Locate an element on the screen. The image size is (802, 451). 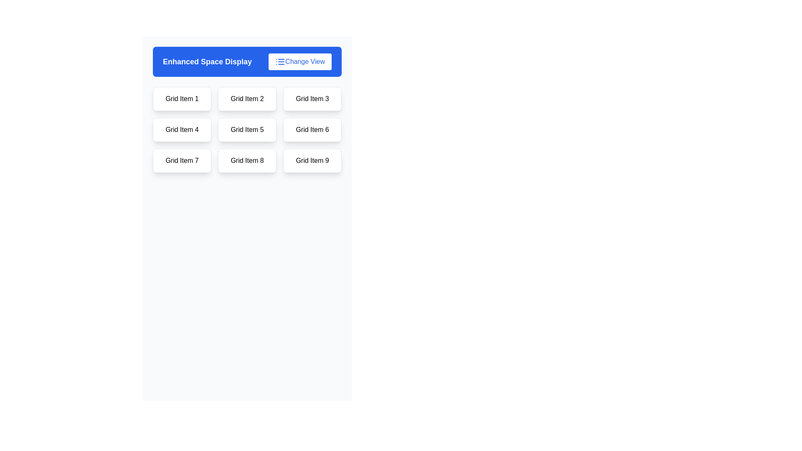
the Display Card with the text 'Grid Item 4', which is a rectangular grid item styled with a white background and rounded corners, located in the second row, first column of a 3-column grid layout is located at coordinates (182, 130).